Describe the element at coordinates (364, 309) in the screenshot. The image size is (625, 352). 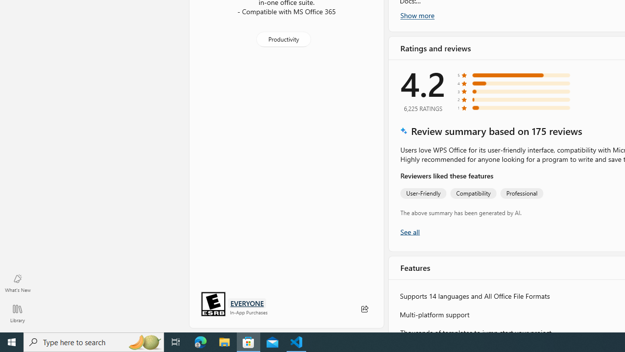
I see `'Share'` at that location.